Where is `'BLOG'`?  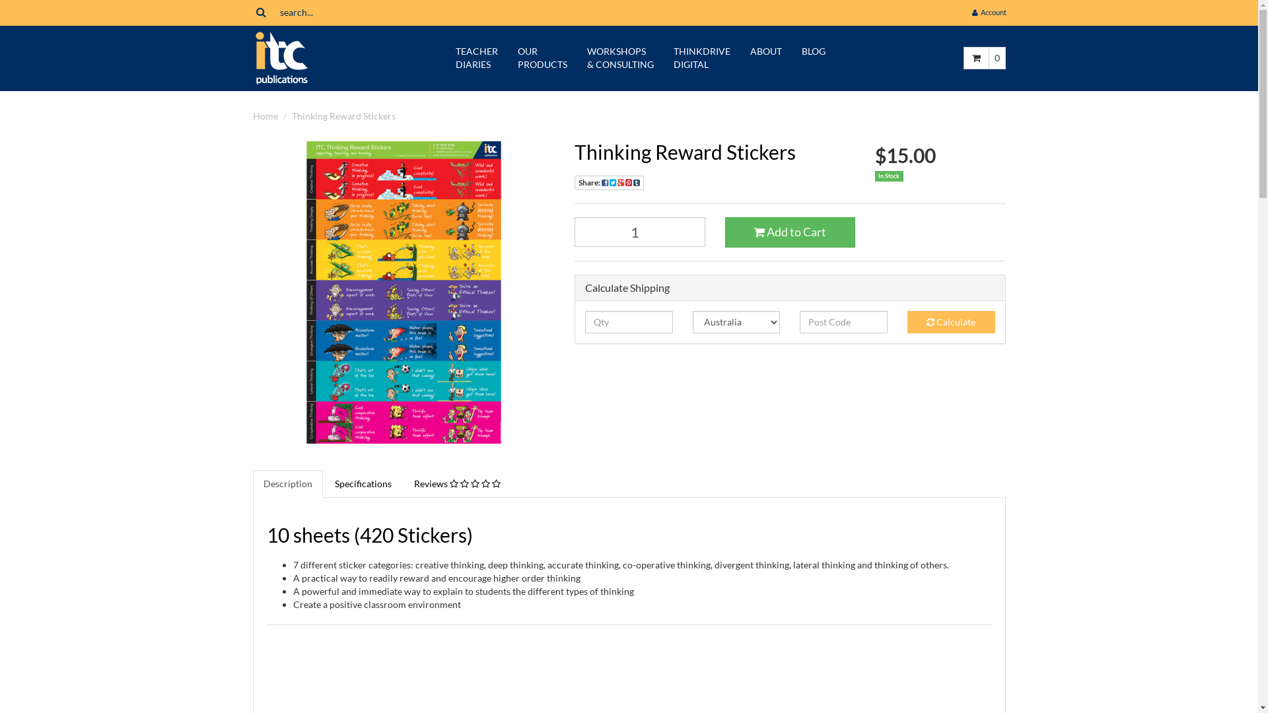 'BLOG' is located at coordinates (813, 50).